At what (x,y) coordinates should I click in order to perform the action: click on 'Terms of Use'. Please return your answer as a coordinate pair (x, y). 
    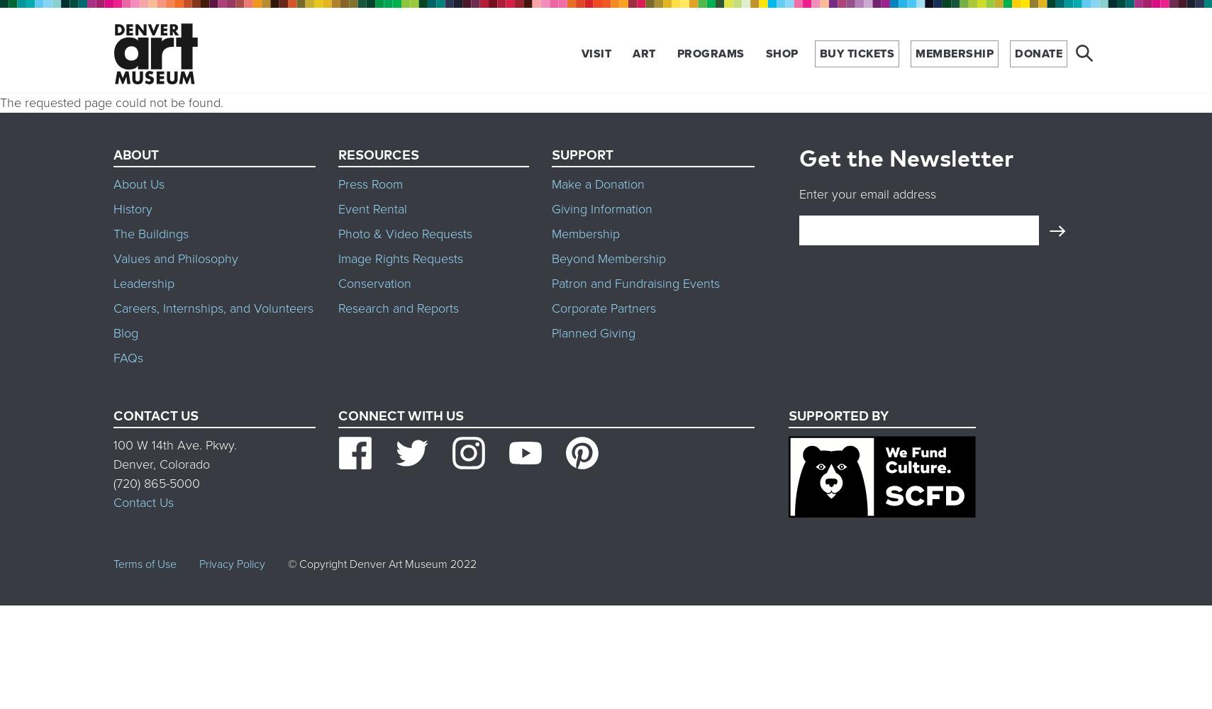
    Looking at the image, I should click on (144, 564).